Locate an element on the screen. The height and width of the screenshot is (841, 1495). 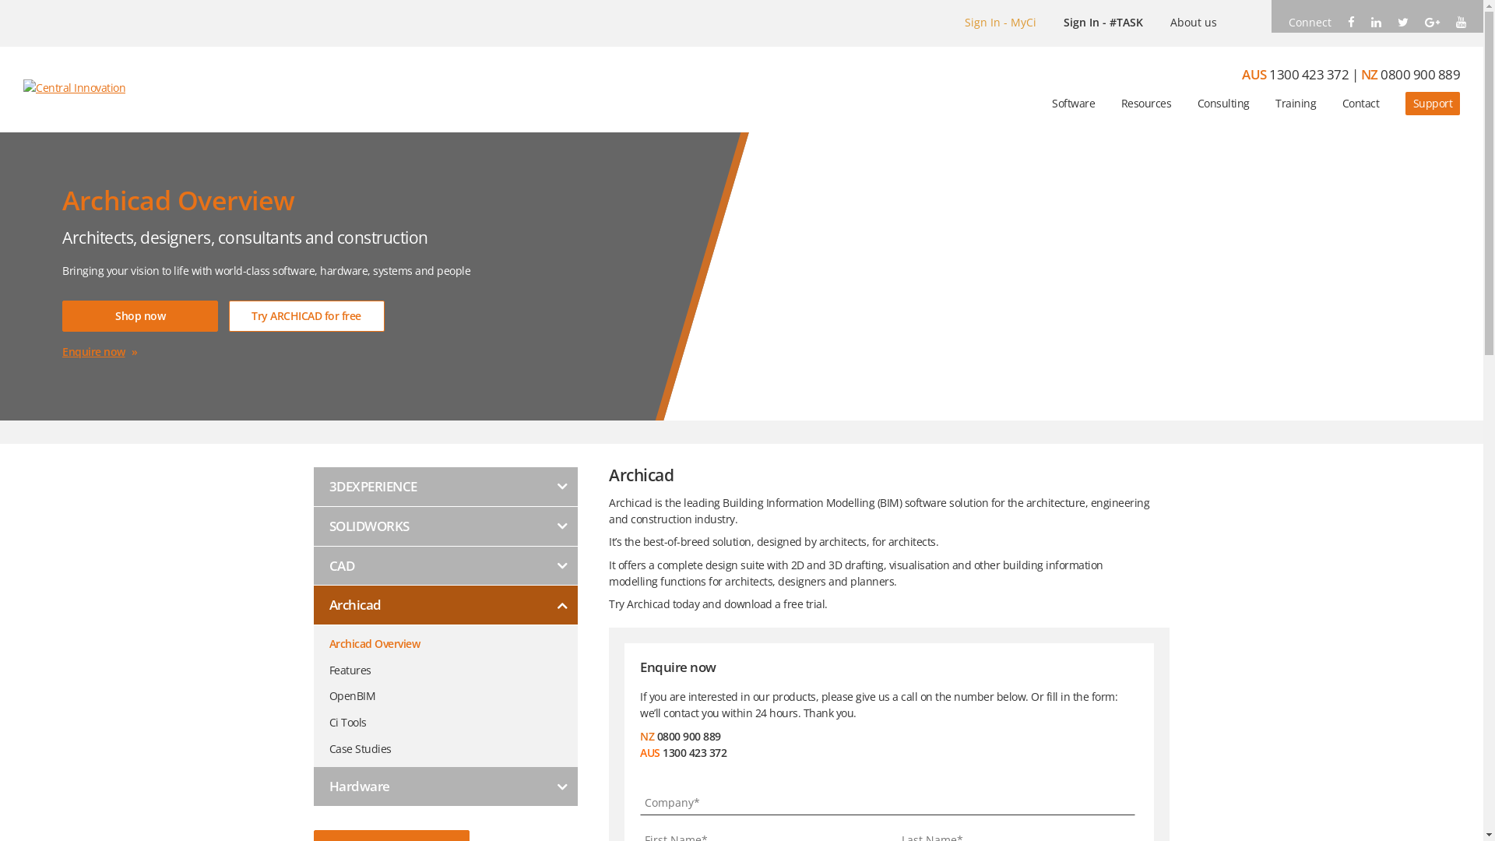
'Consulting' is located at coordinates (1222, 103).